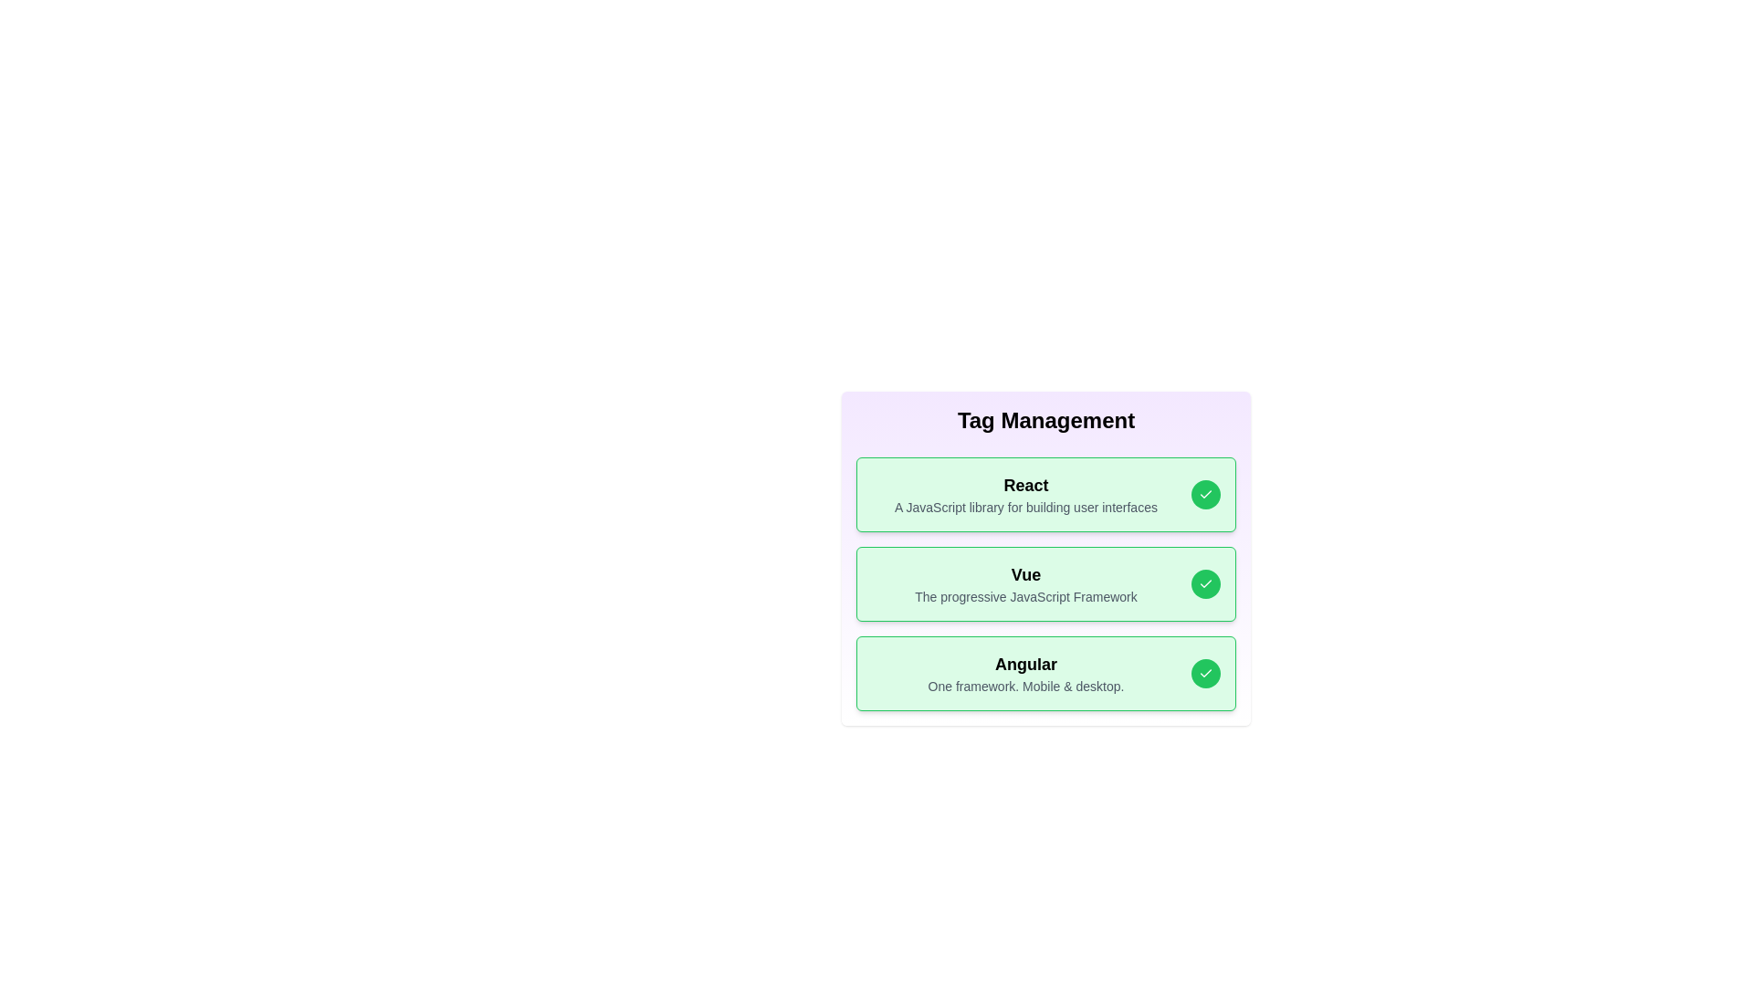 The image size is (1753, 986). Describe the element at coordinates (1205, 495) in the screenshot. I see `the check button for the tag React to toggle its active state` at that location.